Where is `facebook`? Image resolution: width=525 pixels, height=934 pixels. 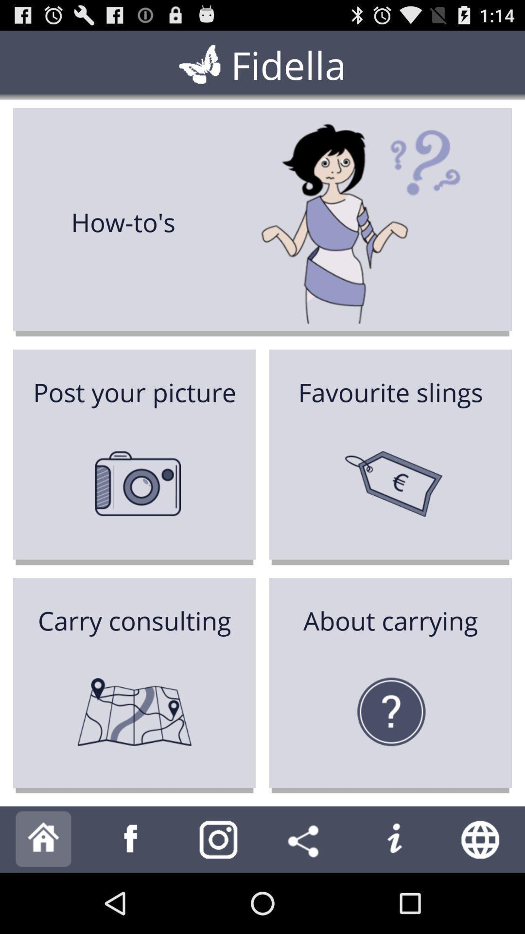
facebook is located at coordinates (131, 839).